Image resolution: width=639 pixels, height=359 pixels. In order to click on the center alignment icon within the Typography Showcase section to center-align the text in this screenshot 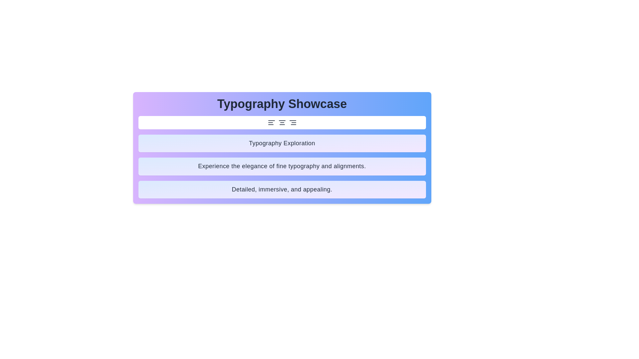, I will do `click(282, 123)`.